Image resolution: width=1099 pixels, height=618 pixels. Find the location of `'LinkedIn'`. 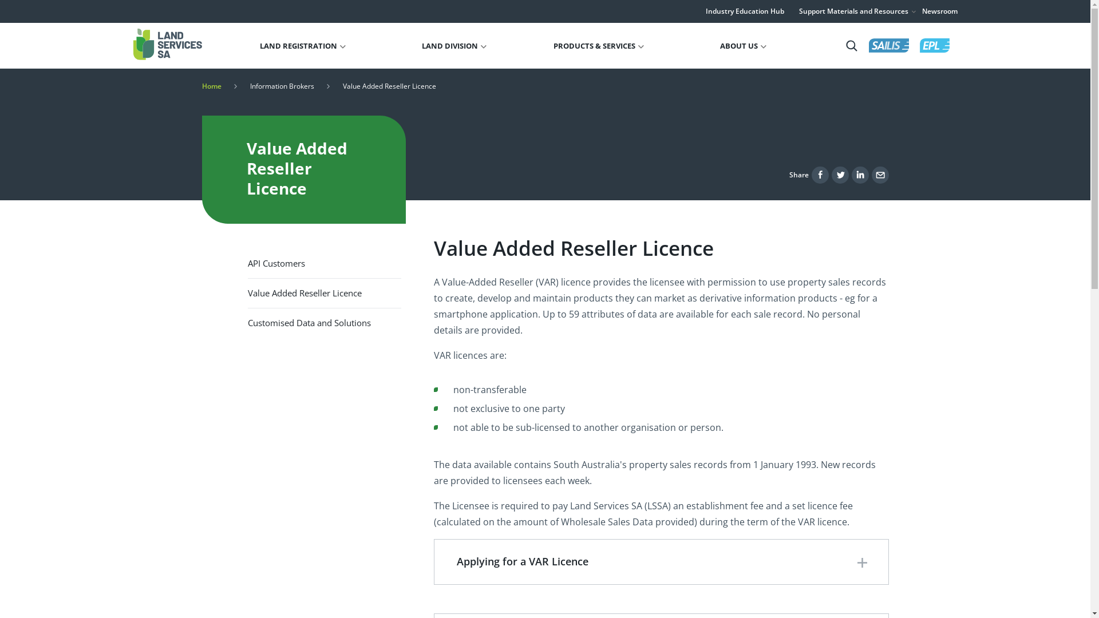

'LinkedIn' is located at coordinates (852, 175).